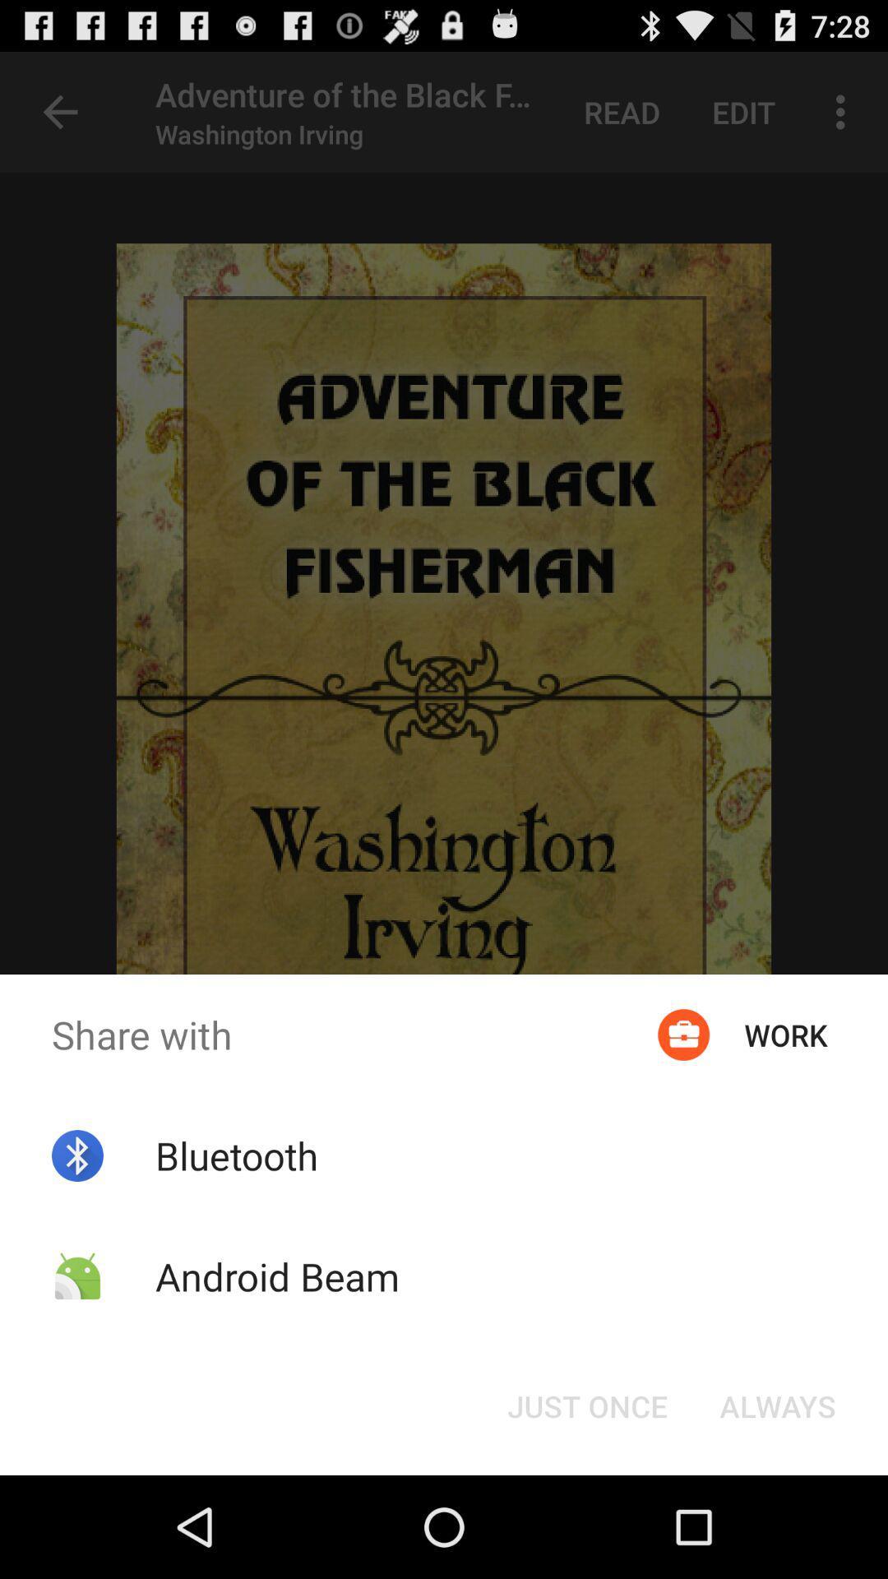 The image size is (888, 1579). What do you see at coordinates (777, 1405) in the screenshot?
I see `button to the right of the just once icon` at bounding box center [777, 1405].